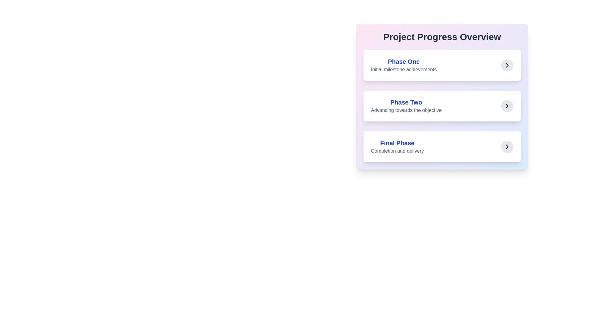  What do you see at coordinates (397, 146) in the screenshot?
I see `text of the 'Final Phase' label, which displays the title in bold blue and the subtitle in smaller gray text, located at the bottom of the 'Project Progress Overview' list` at bounding box center [397, 146].